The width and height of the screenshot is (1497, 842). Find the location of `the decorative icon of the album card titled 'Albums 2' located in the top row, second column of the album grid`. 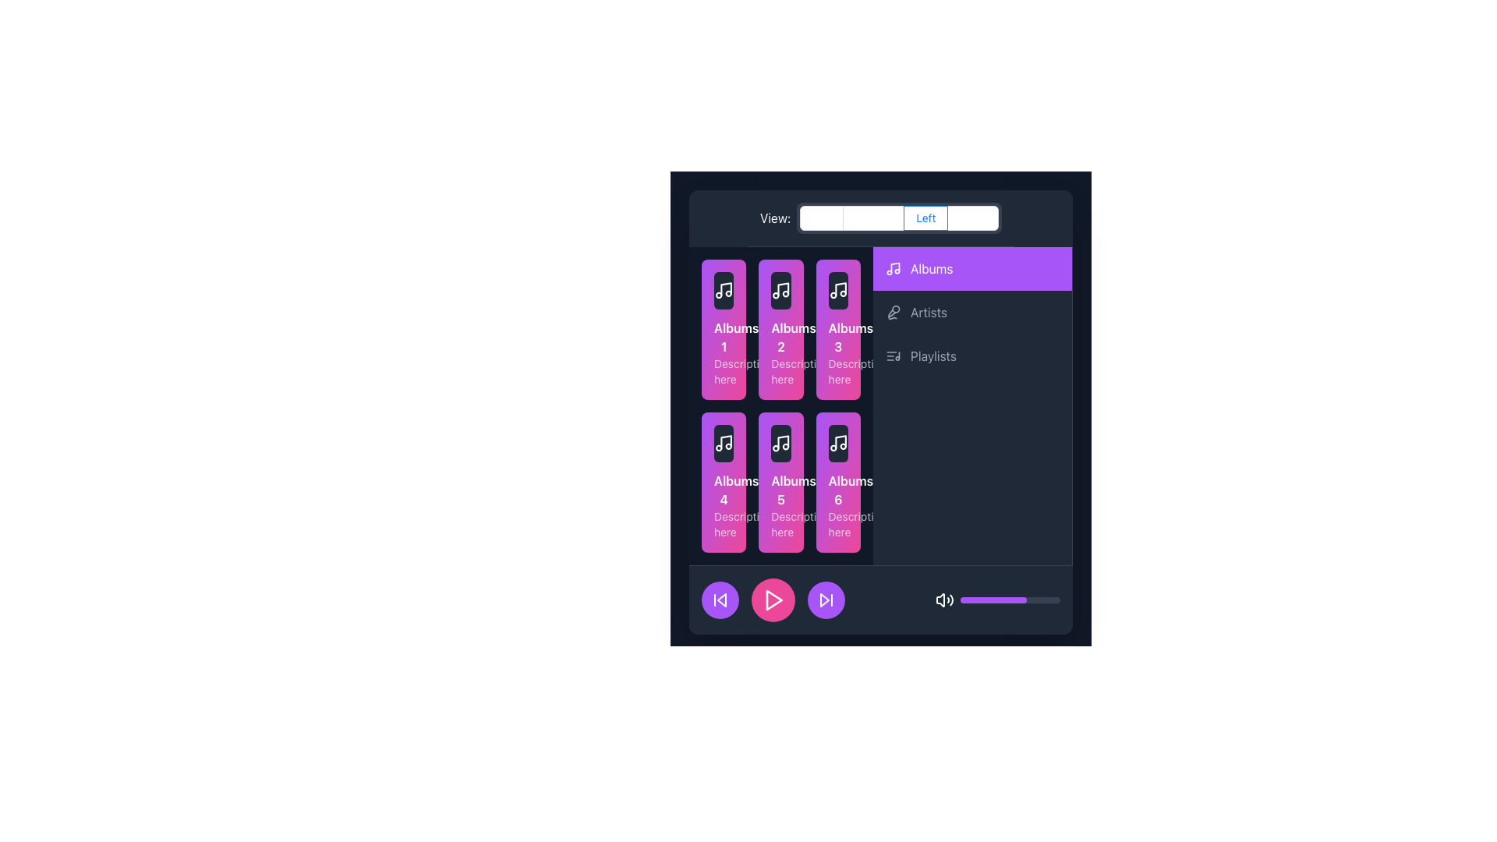

the decorative icon of the album card titled 'Albums 2' located in the top row, second column of the album grid is located at coordinates (781, 291).